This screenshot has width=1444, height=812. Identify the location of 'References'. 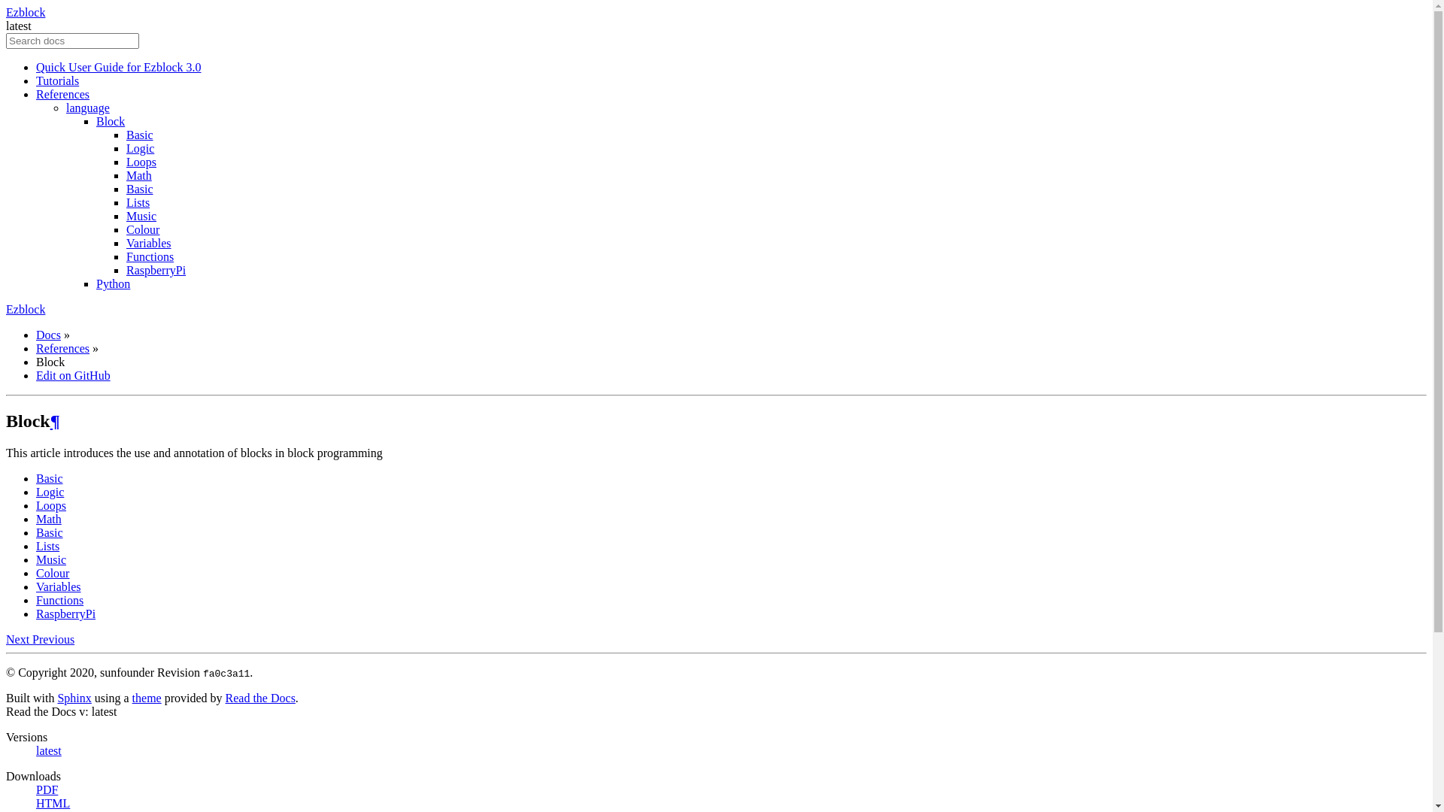
(62, 94).